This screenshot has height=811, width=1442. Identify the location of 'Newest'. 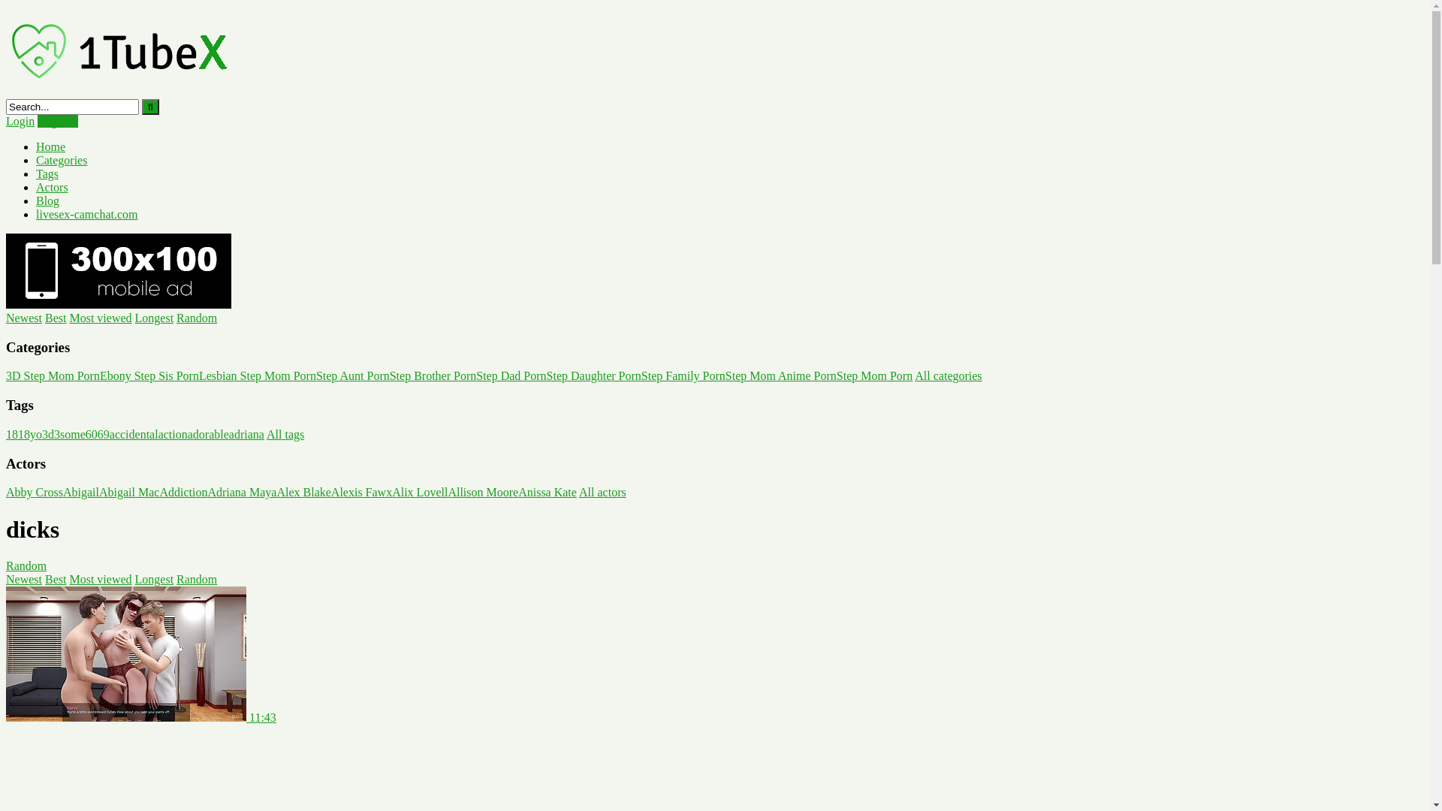
(24, 317).